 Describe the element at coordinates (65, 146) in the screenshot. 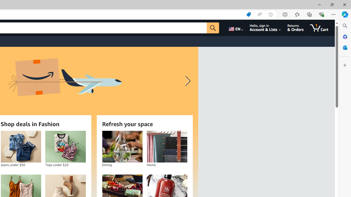

I see `'Tops under $25'` at that location.